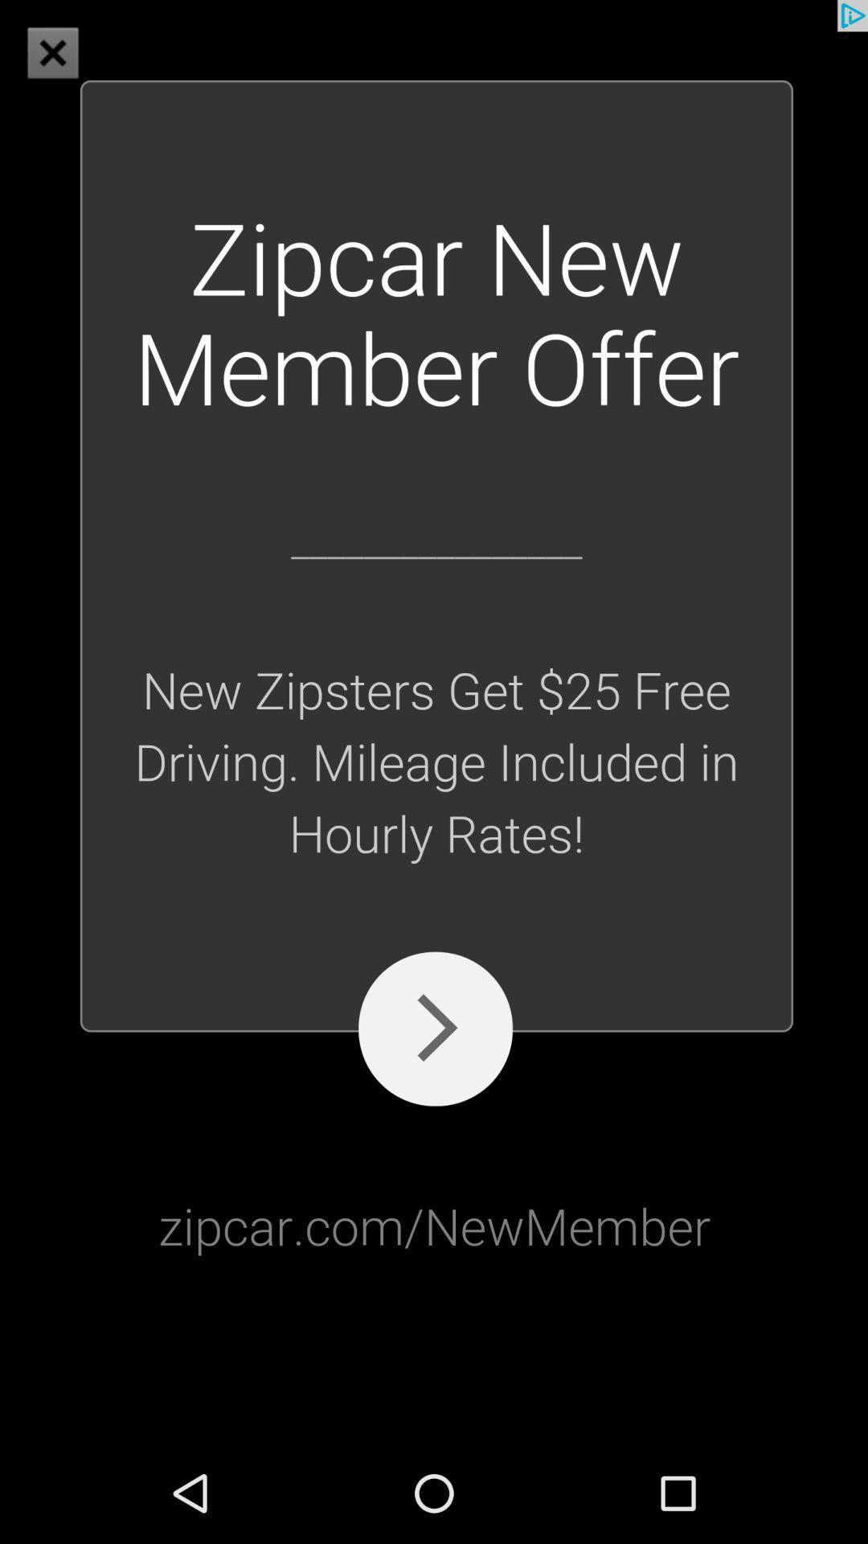 The width and height of the screenshot is (868, 1544). I want to click on the close icon, so click(51, 56).